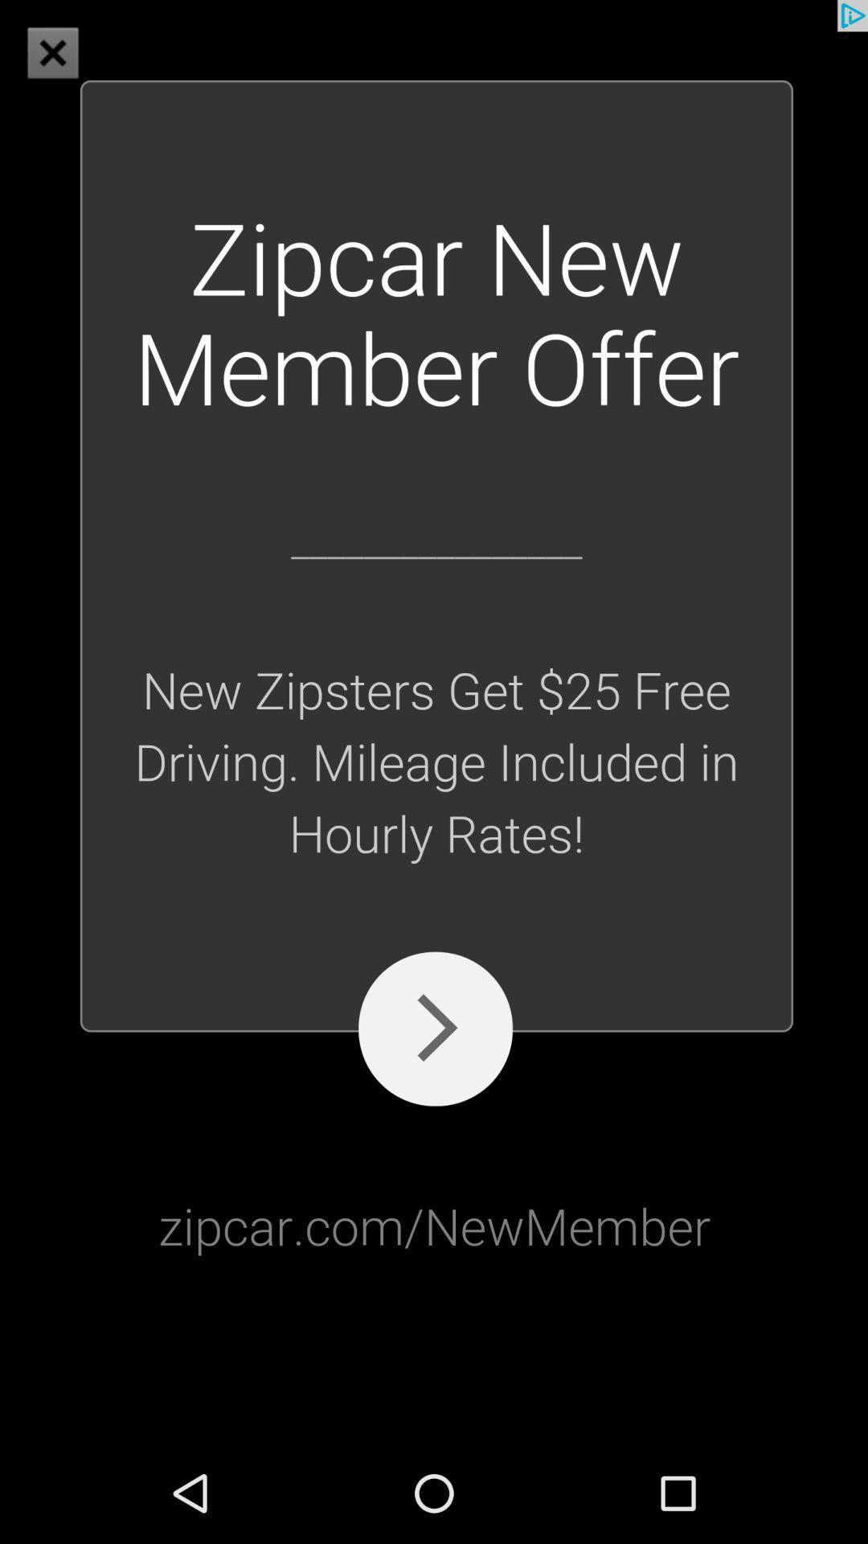 The width and height of the screenshot is (868, 1544). I want to click on the close icon, so click(51, 56).